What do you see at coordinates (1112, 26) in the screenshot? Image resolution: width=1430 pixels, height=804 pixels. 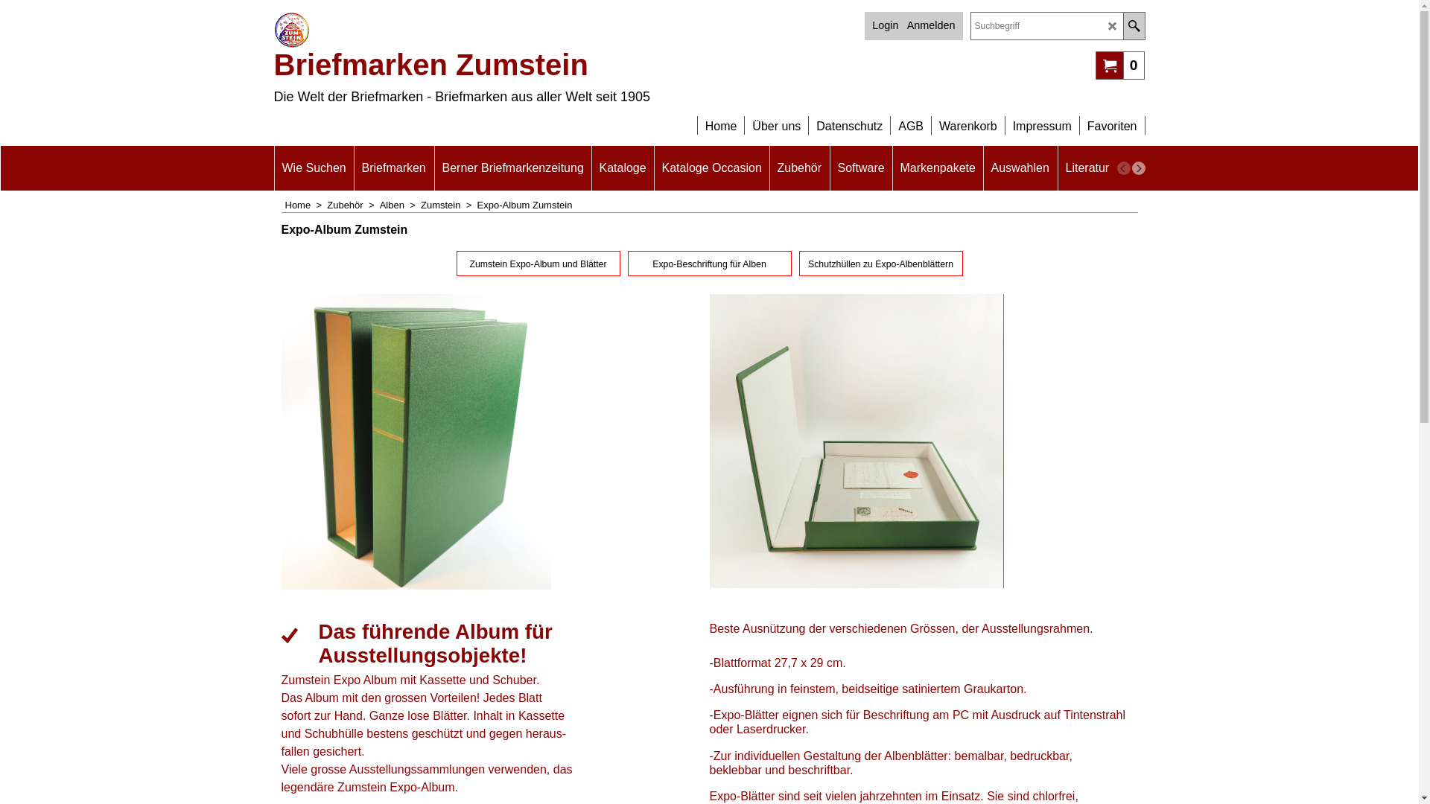 I see `'LD_CANCEL'` at bounding box center [1112, 26].